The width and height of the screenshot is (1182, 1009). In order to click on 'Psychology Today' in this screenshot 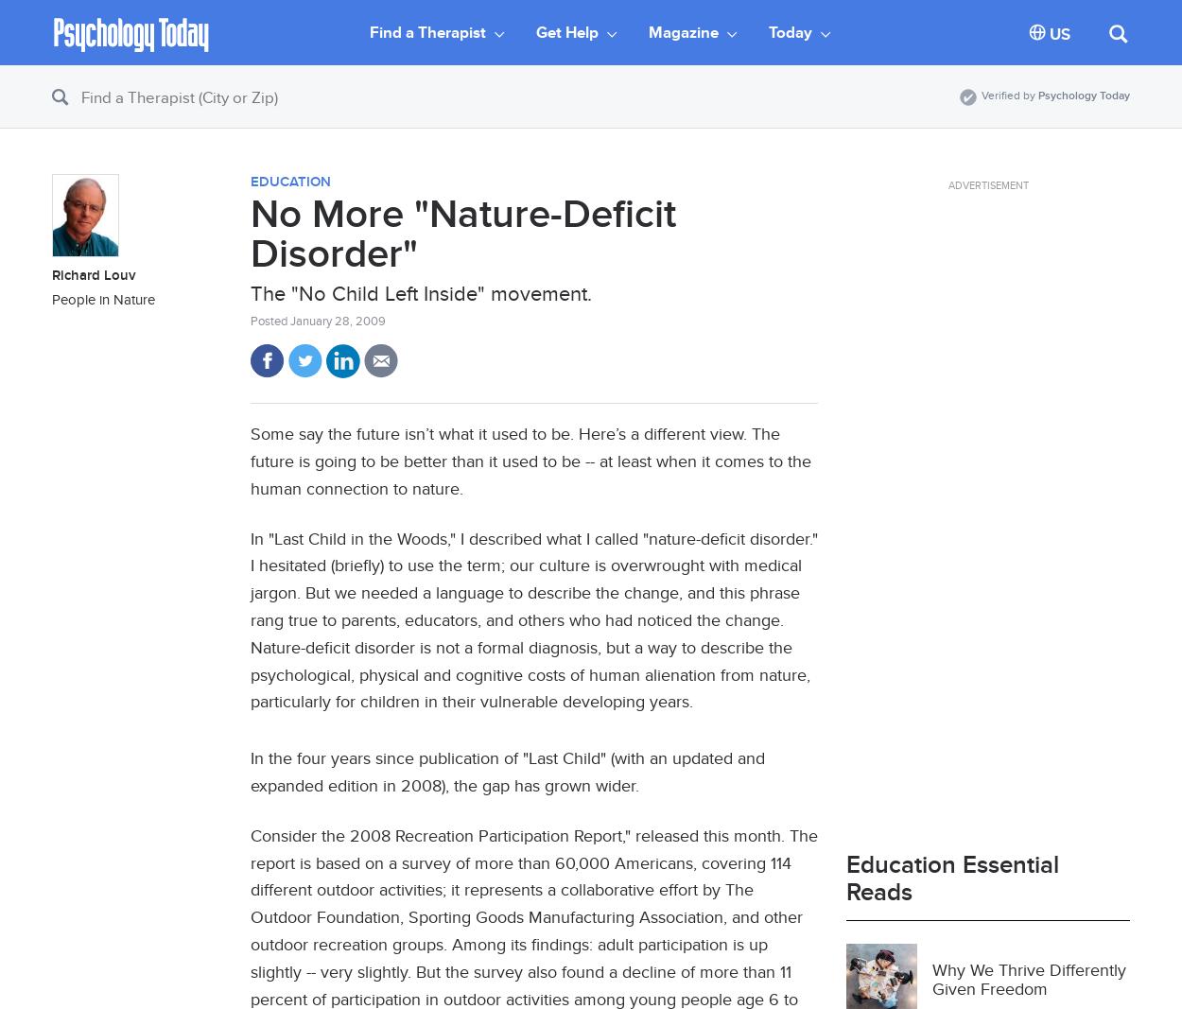, I will do `click(1084, 94)`.